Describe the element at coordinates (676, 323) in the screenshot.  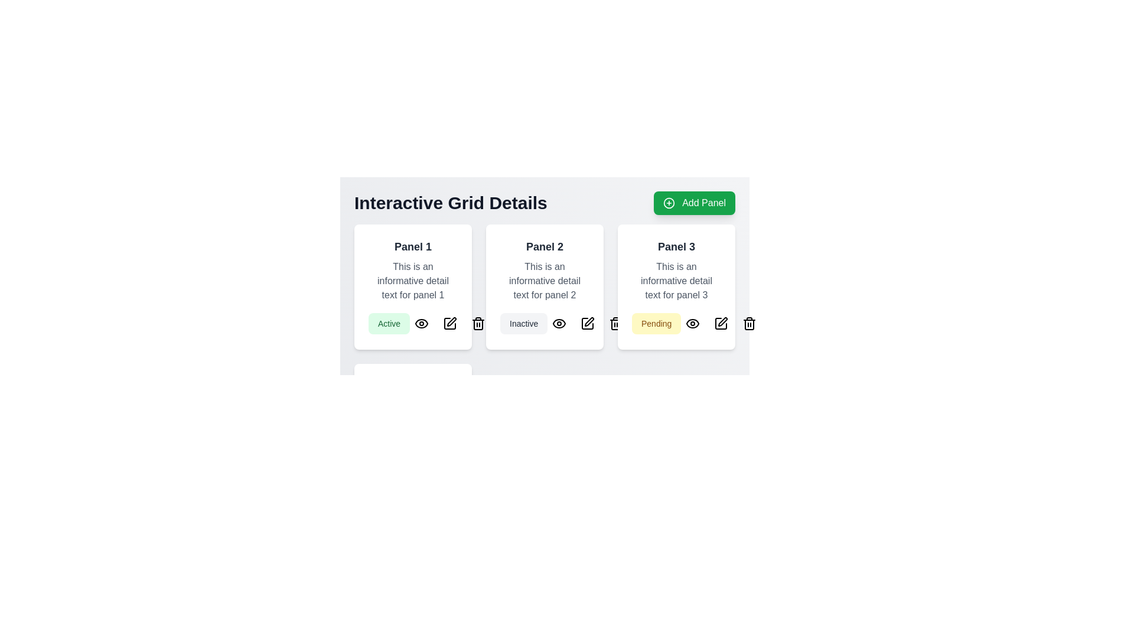
I see `the rectangular button with rounded corners, yellow background, and the label 'Pending' in bold brown text located in Panel 3 at the bottom section before the row of icons` at that location.